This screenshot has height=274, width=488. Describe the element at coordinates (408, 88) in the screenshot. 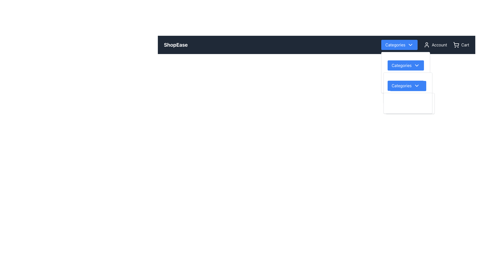

I see `the second 'Categories' dropdown menu button to interact with it` at that location.